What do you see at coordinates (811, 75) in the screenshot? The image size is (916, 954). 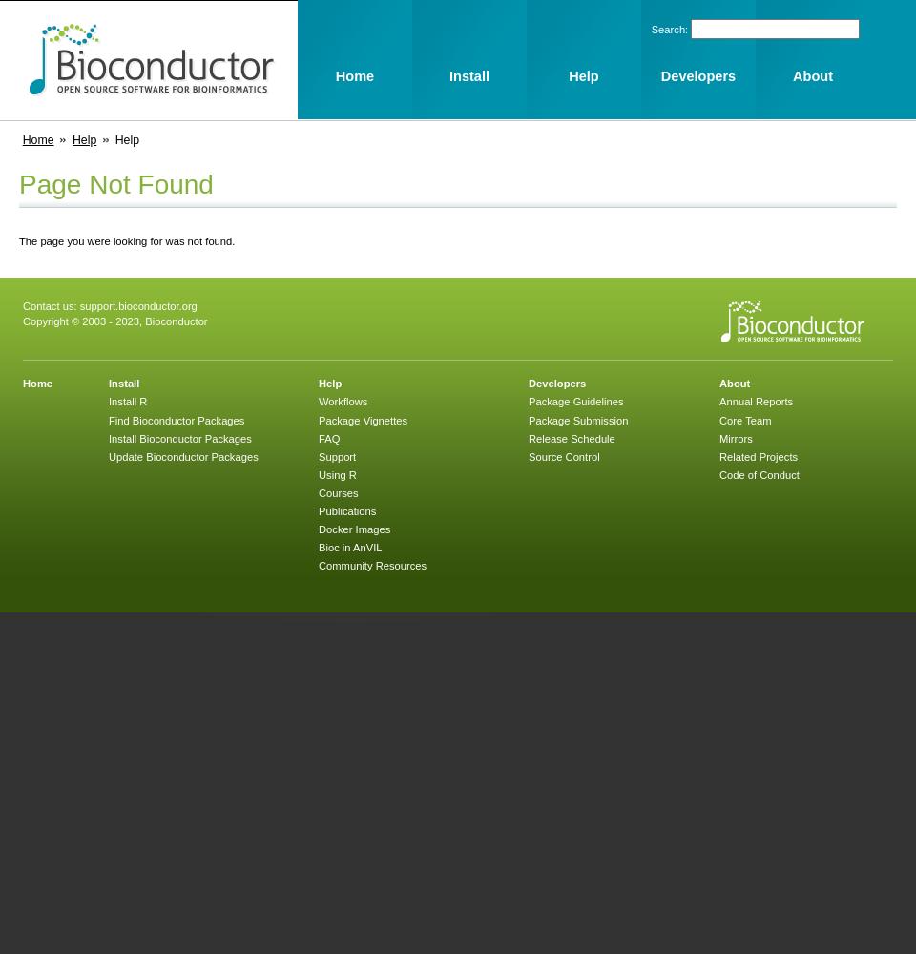 I see `'About'` at bounding box center [811, 75].